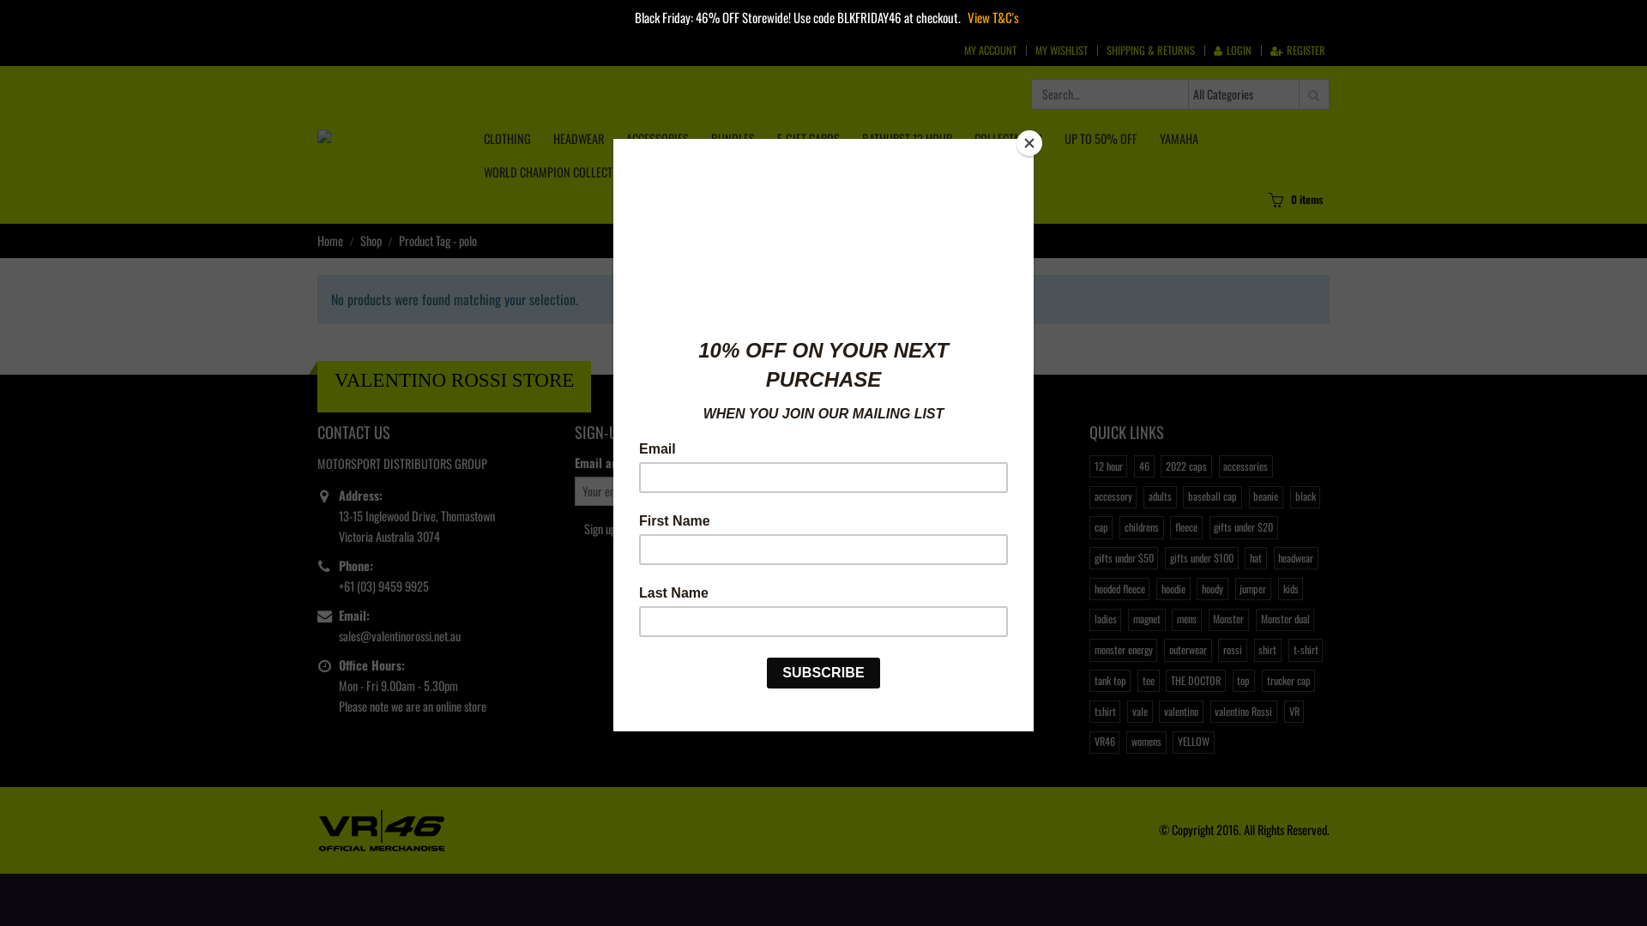 This screenshot has height=926, width=1647. What do you see at coordinates (1312, 94) in the screenshot?
I see `'Search'` at bounding box center [1312, 94].